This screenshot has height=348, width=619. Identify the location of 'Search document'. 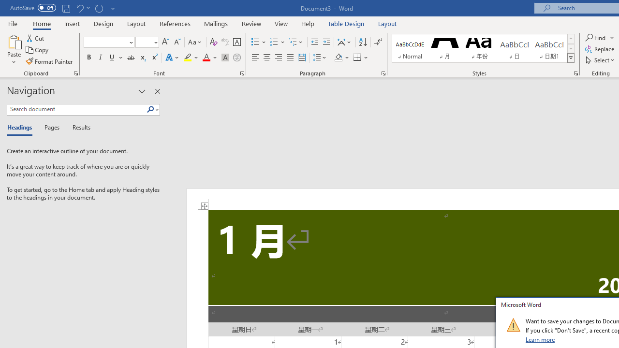
(76, 109).